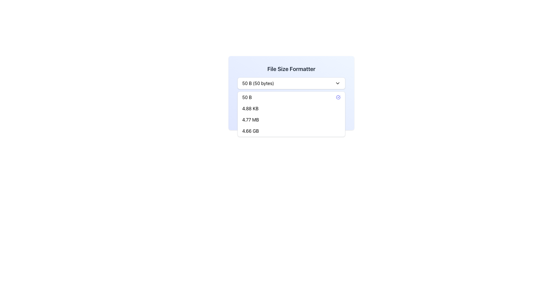  What do you see at coordinates (291, 131) in the screenshot?
I see `the selectable menu item displaying '4.66 GB'` at bounding box center [291, 131].